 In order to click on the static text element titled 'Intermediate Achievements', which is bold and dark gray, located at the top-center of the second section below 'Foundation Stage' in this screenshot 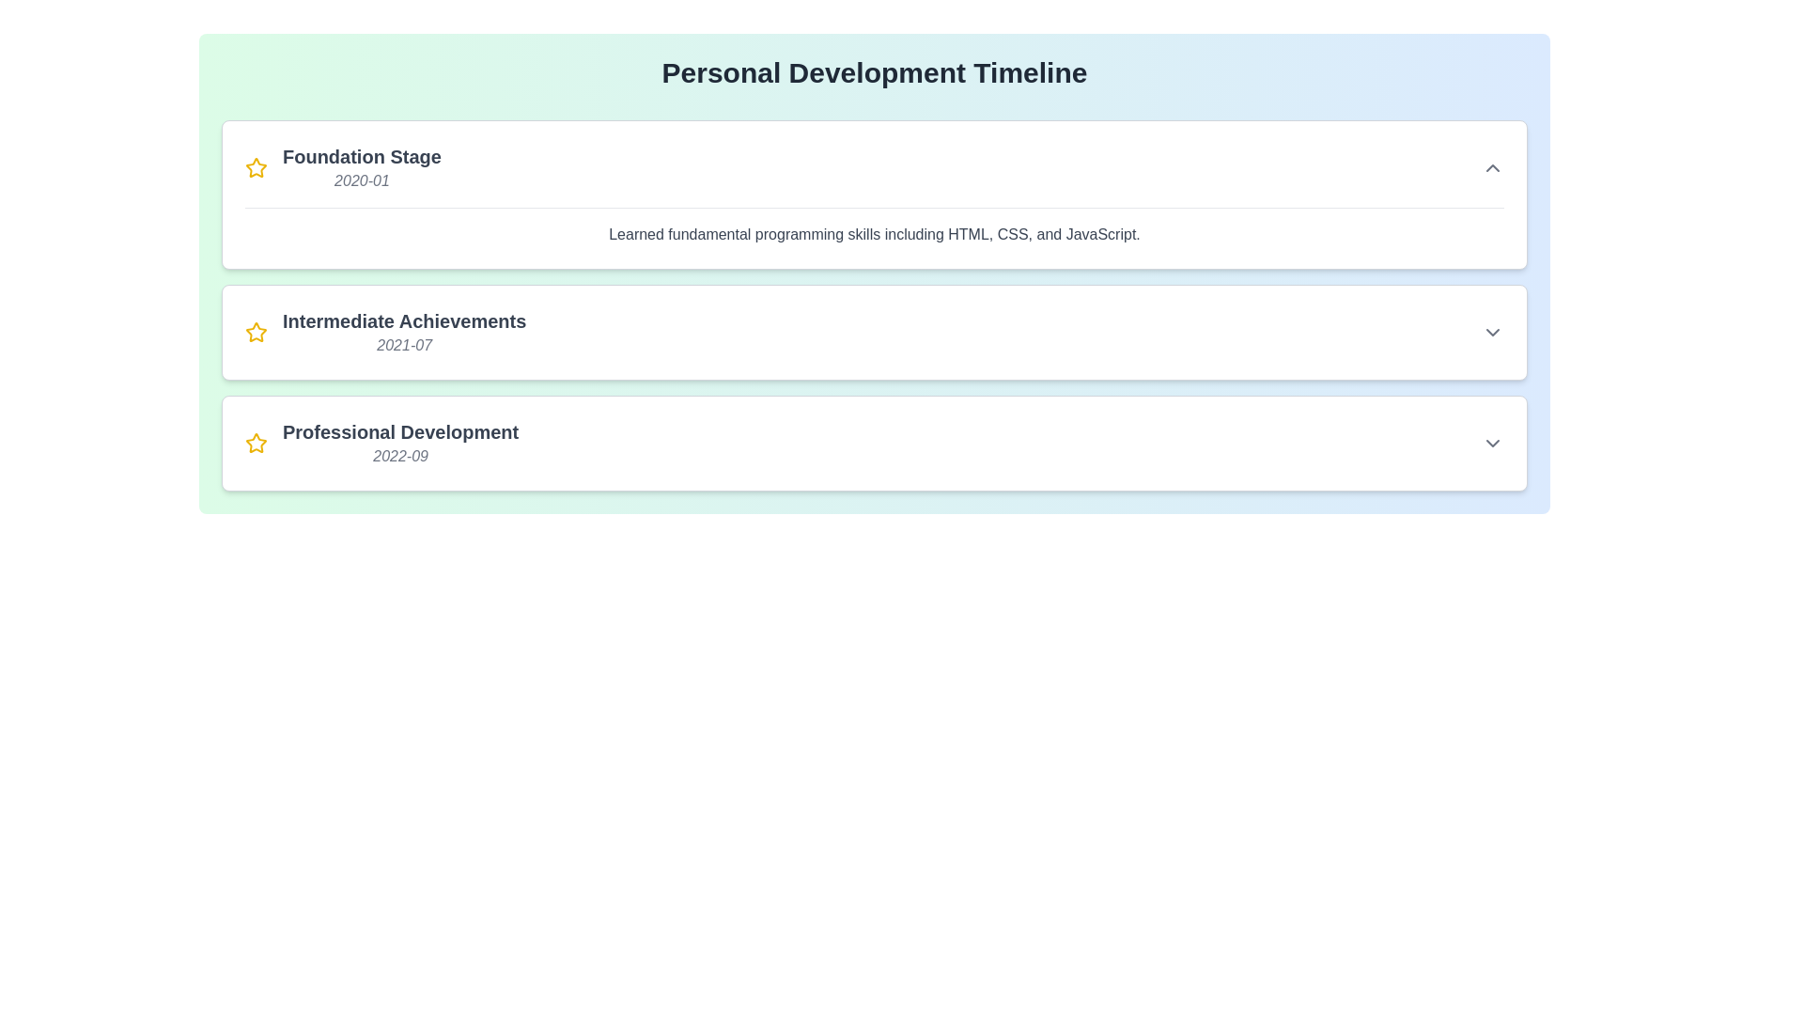, I will do `click(403, 320)`.